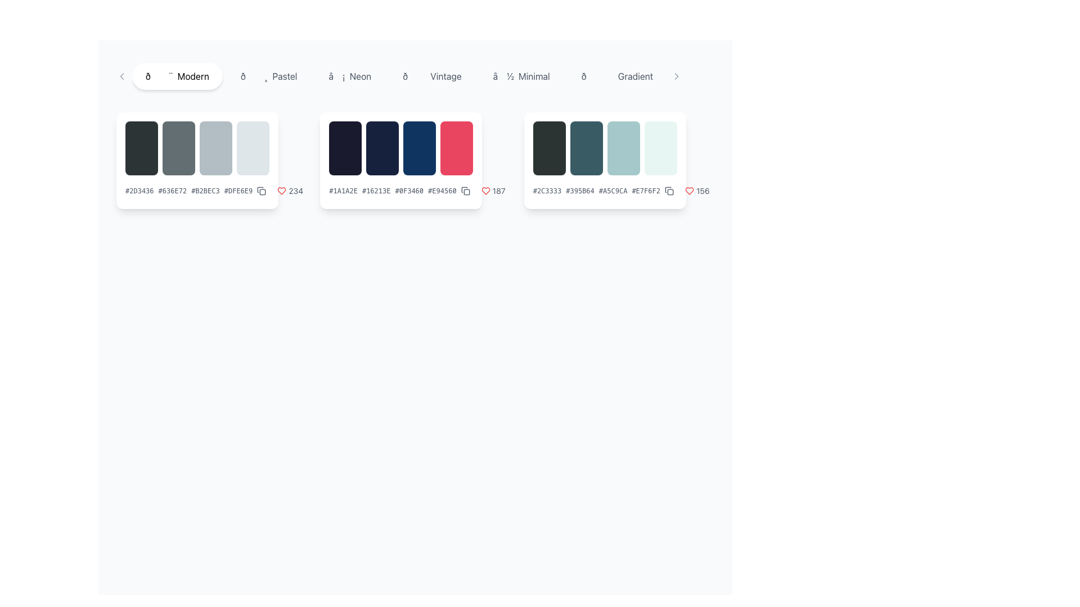  What do you see at coordinates (668, 189) in the screenshot?
I see `the decorative SVG icon located near the bottom-right area of the second palette card in the central layout row` at bounding box center [668, 189].